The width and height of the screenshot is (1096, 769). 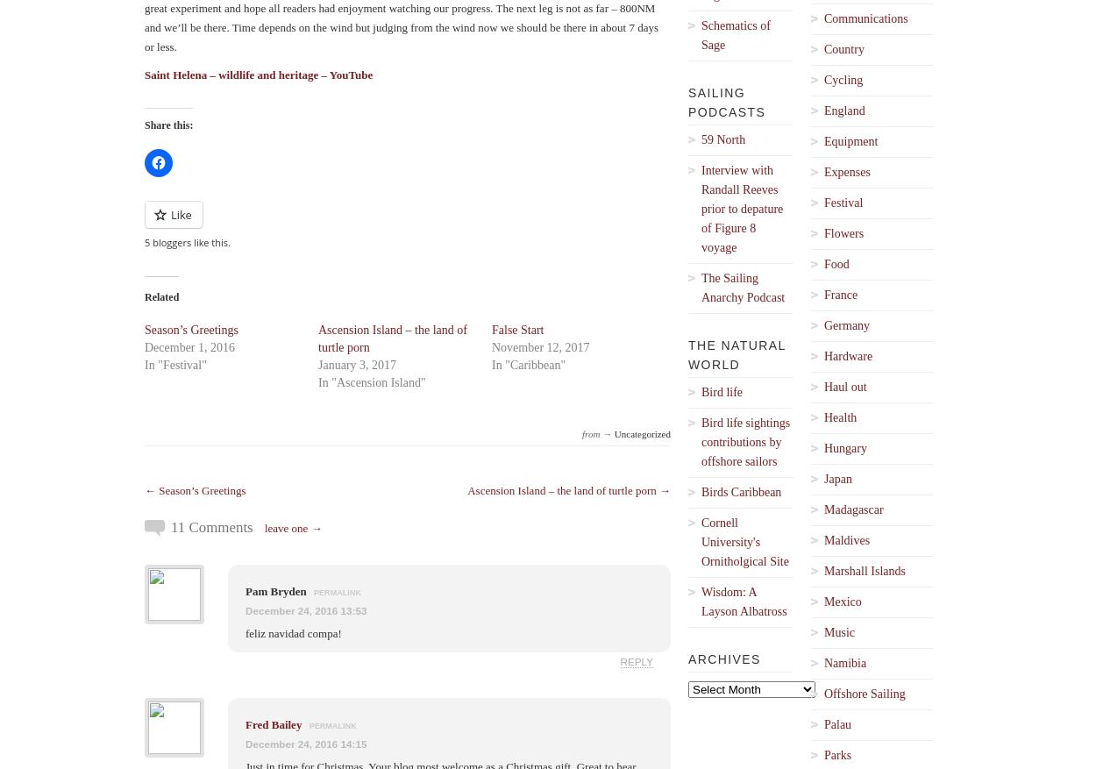 I want to click on 'Uncategorized', so click(x=641, y=432).